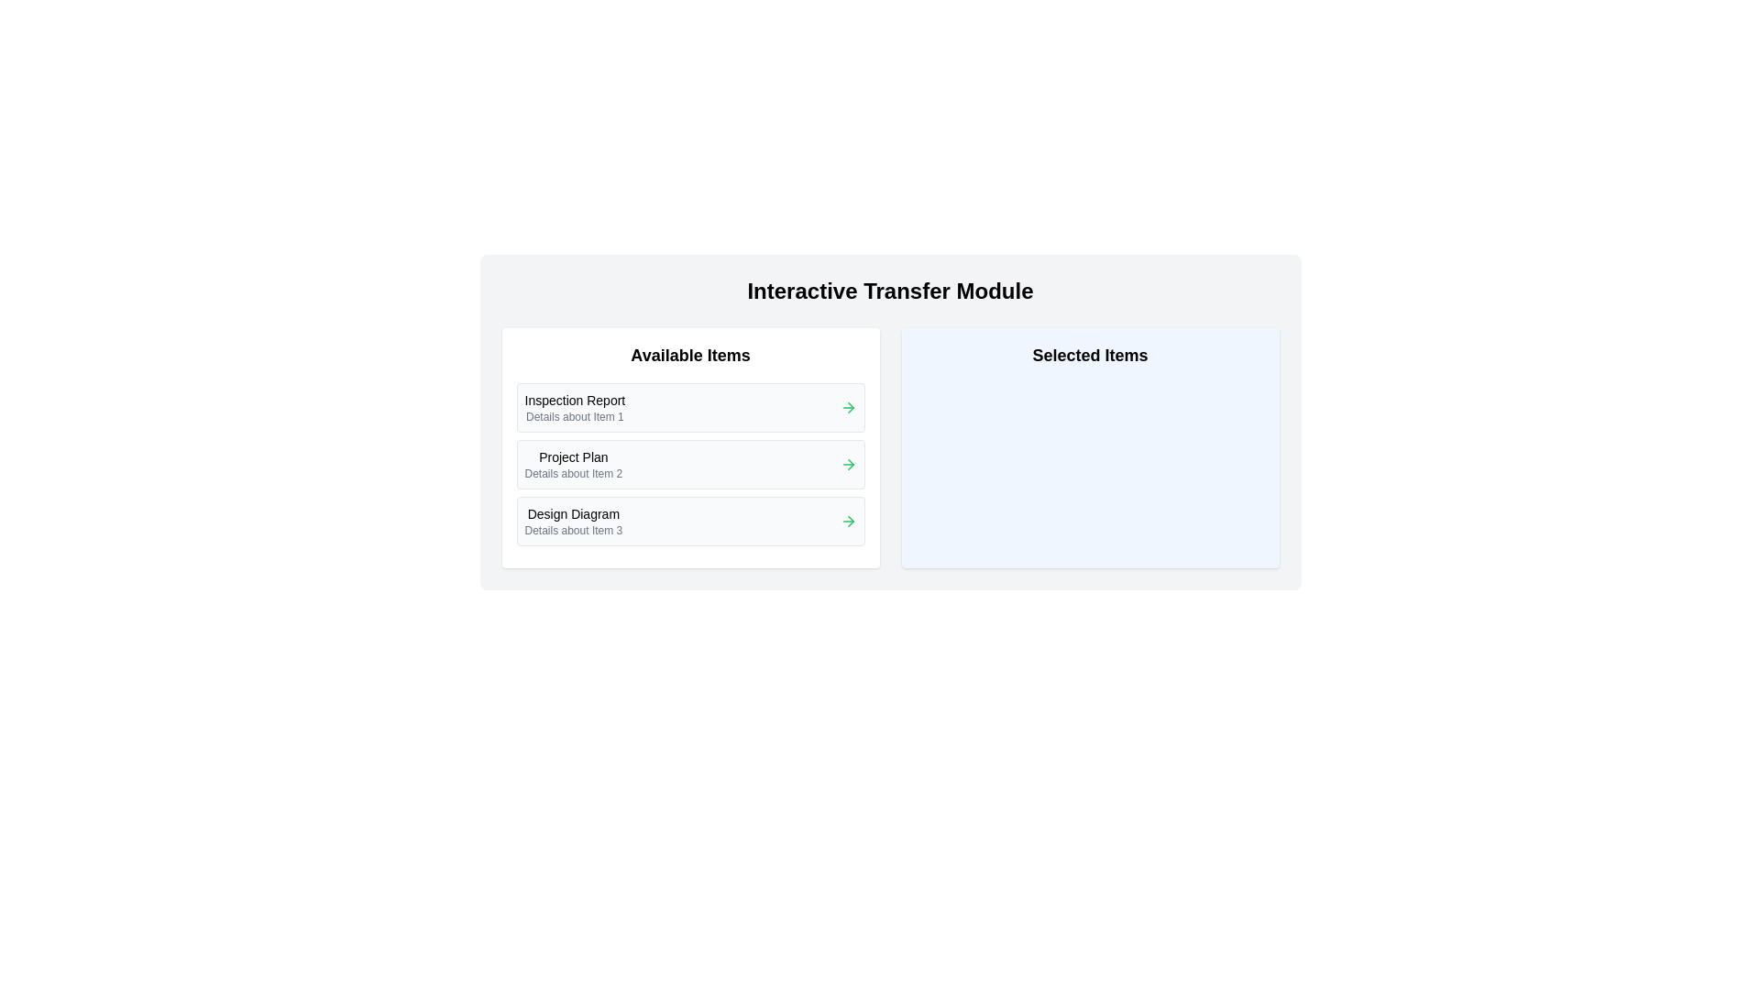 The image size is (1760, 990). What do you see at coordinates (847, 463) in the screenshot?
I see `the button styled as an icon located to the right of the 'Project Plan' entry in the 'Available Items' list` at bounding box center [847, 463].